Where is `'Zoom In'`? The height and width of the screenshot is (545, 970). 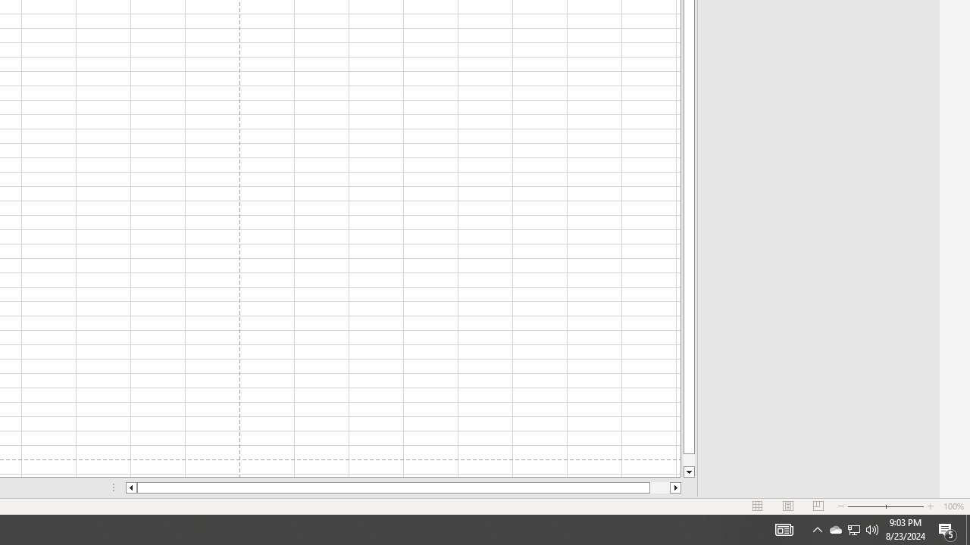 'Zoom In' is located at coordinates (929, 506).